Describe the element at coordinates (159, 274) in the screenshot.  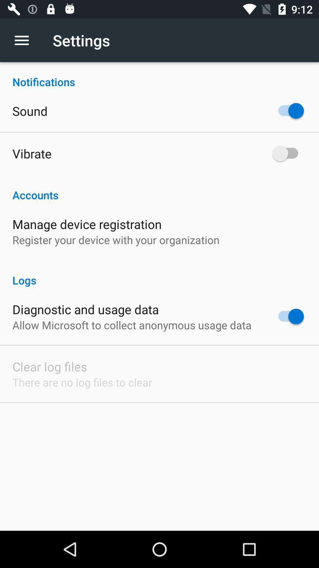
I see `app below register your device app` at that location.